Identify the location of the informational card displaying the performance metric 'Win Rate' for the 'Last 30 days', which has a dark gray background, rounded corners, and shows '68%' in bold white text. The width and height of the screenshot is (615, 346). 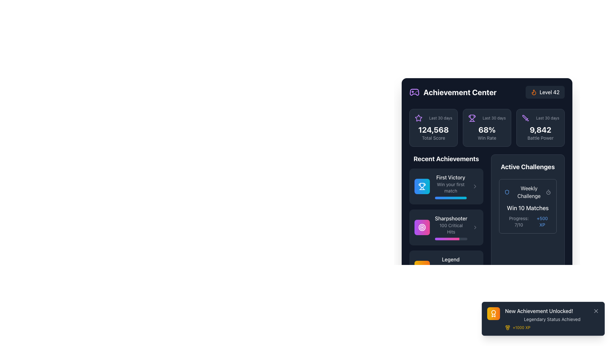
(487, 128).